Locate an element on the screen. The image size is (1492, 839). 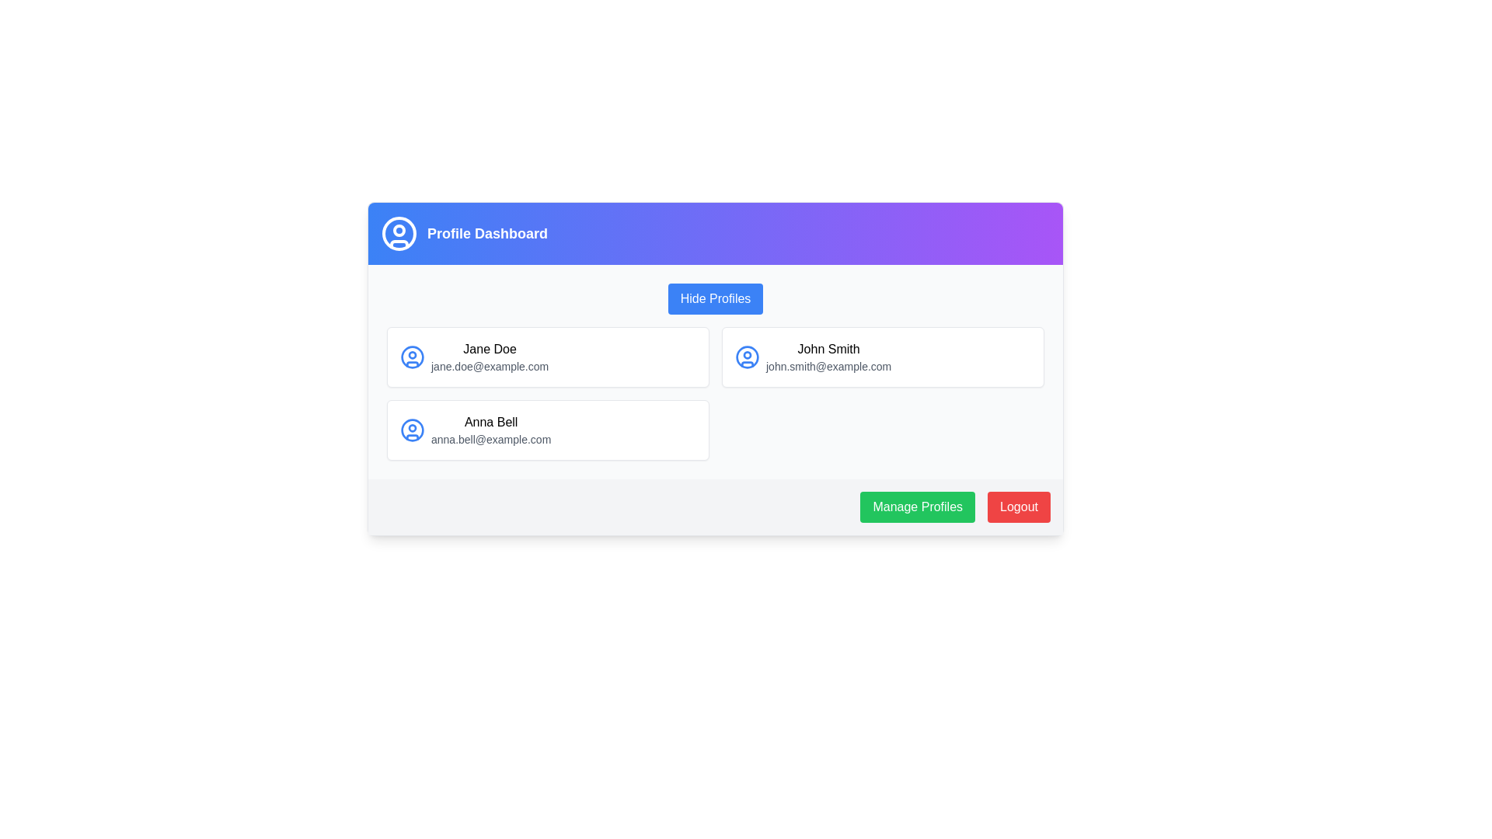
the graphical icon representing the user profile for 'John Smith', which is located to the left of the text containing the user's name and email is located at coordinates (747, 357).